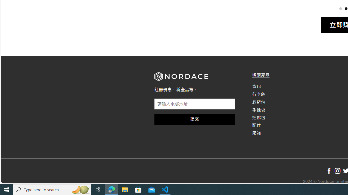 The width and height of the screenshot is (348, 195). Describe the element at coordinates (346, 8) in the screenshot. I see `'Page dot 2'` at that location.